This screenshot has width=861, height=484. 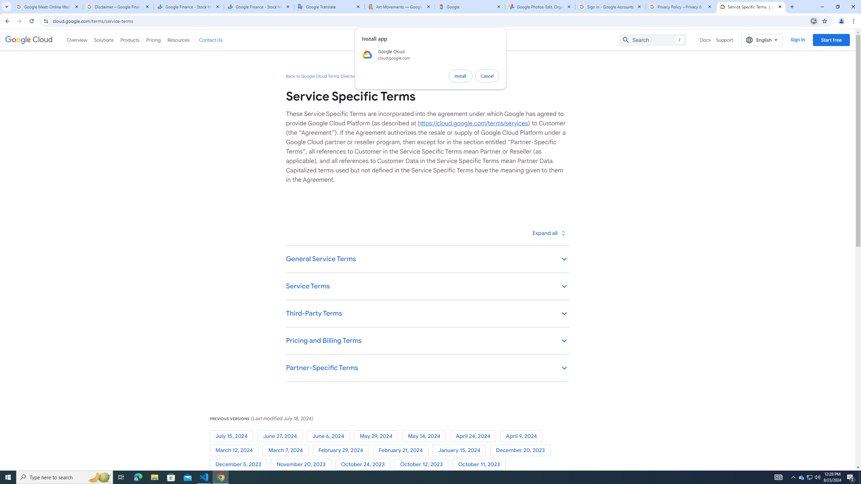 I want to click on 'https://cloud.google.com/terms/services', so click(x=473, y=123).